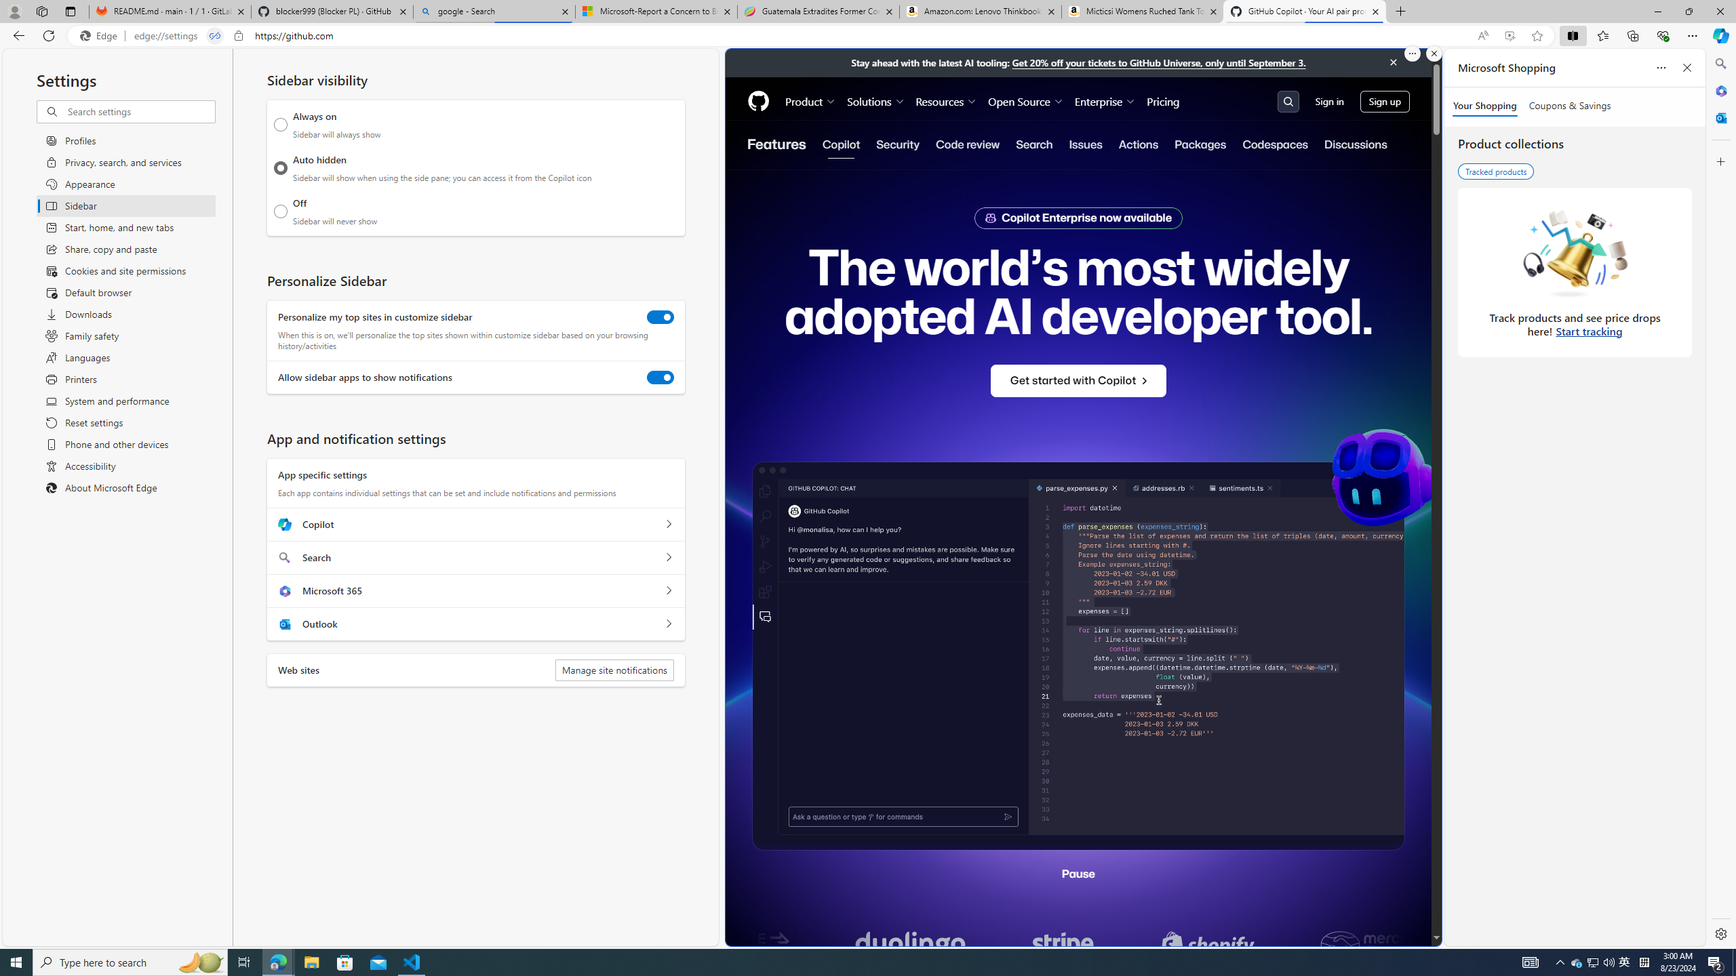 This screenshot has width=1736, height=976. Describe the element at coordinates (876, 101) in the screenshot. I see `'Solutions'` at that location.